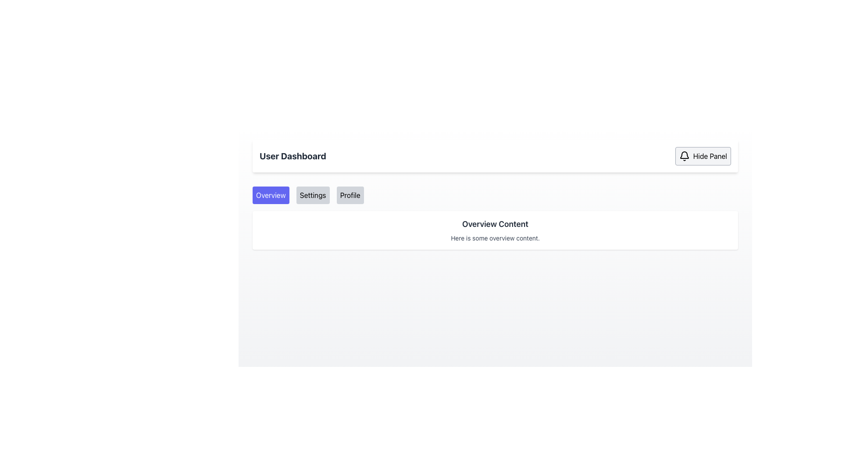 This screenshot has height=474, width=842. I want to click on the Profile button located in the horizontal navigation bar, positioned to the right of the 'Settings' button and the leftmost 'Overview' button, so click(350, 194).